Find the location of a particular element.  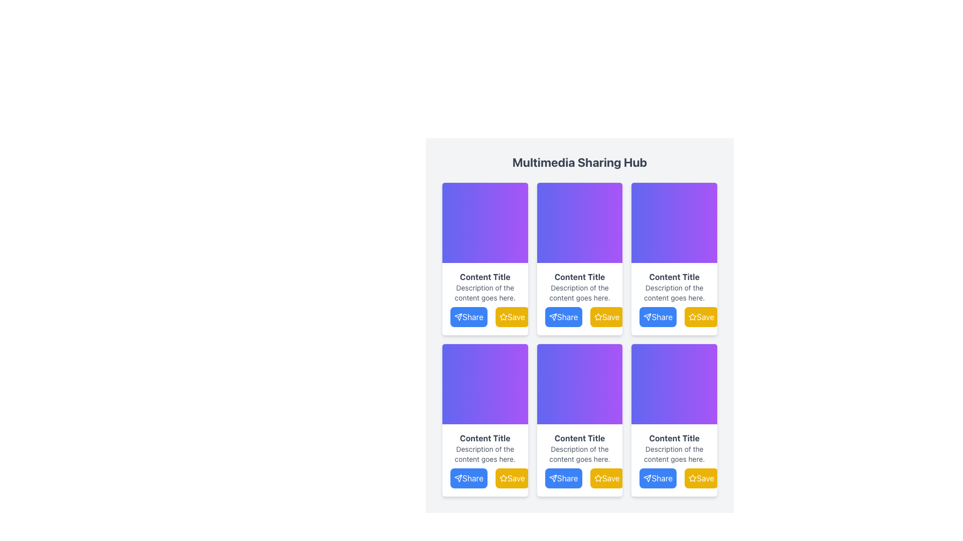

text label that displays 'Description of the content goes here.' which is styled in small gray text and located below the 'Content Title' within the card-like component is located at coordinates (485, 454).